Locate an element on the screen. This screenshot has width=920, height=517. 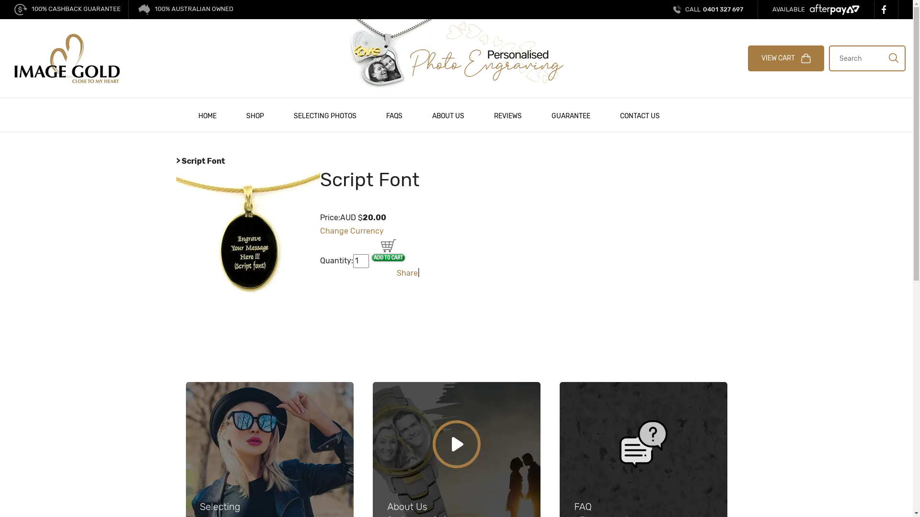
'HOME' is located at coordinates (207, 114).